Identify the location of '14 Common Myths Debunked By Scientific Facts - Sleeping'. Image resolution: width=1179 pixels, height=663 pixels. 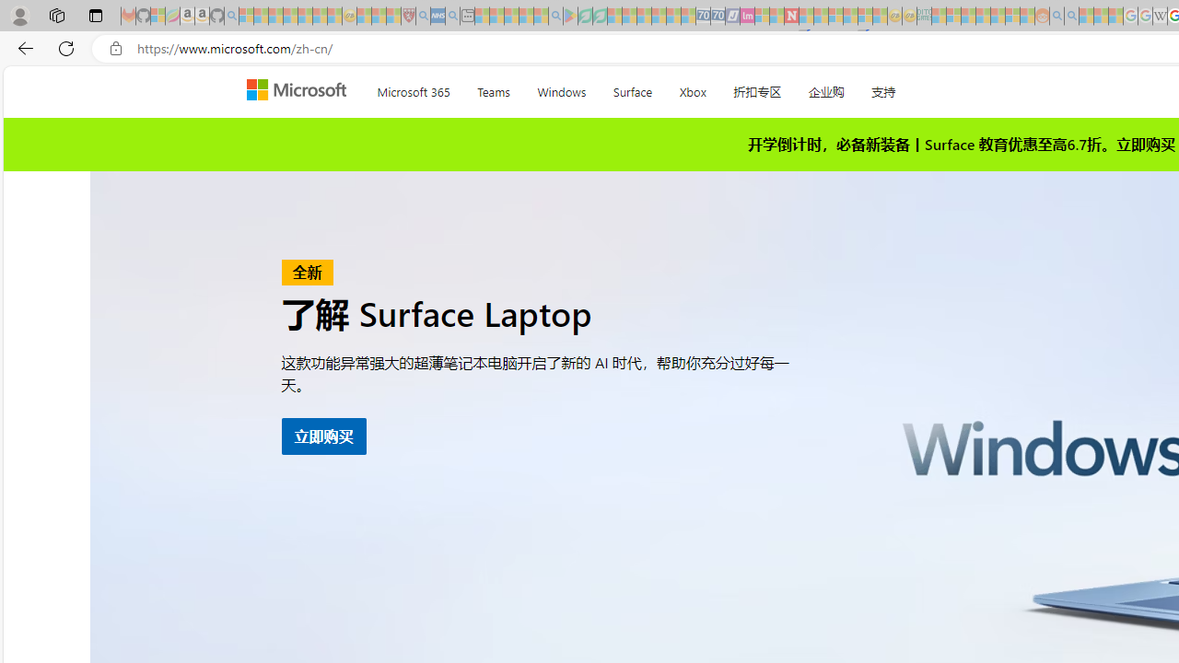
(820, 16).